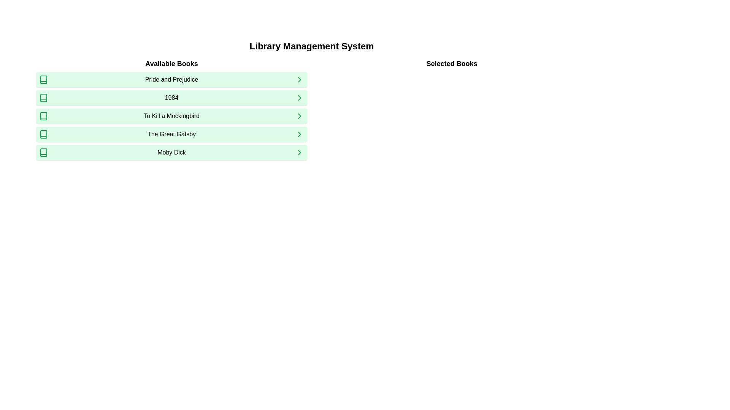 This screenshot has height=410, width=730. I want to click on the 'Moby Dick' button, which is a rectangular button with a light green background, located at the bottom of the 'Available Books' list, so click(171, 152).